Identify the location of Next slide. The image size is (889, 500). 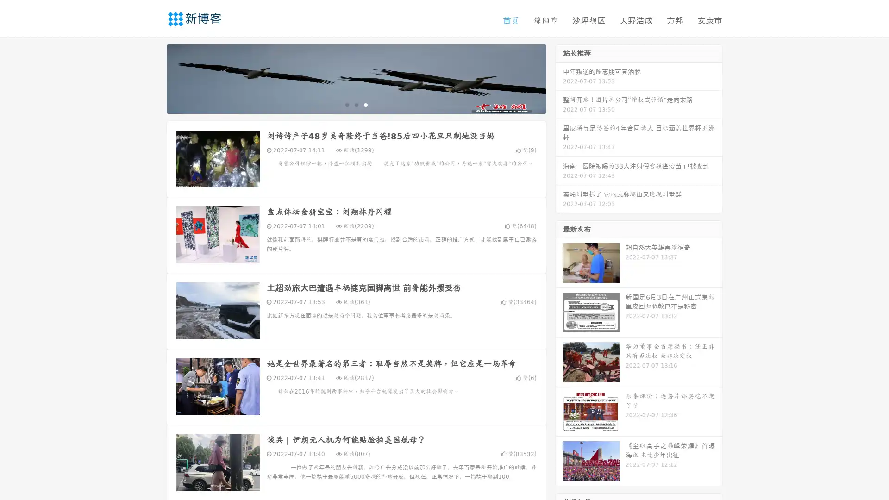
(559, 78).